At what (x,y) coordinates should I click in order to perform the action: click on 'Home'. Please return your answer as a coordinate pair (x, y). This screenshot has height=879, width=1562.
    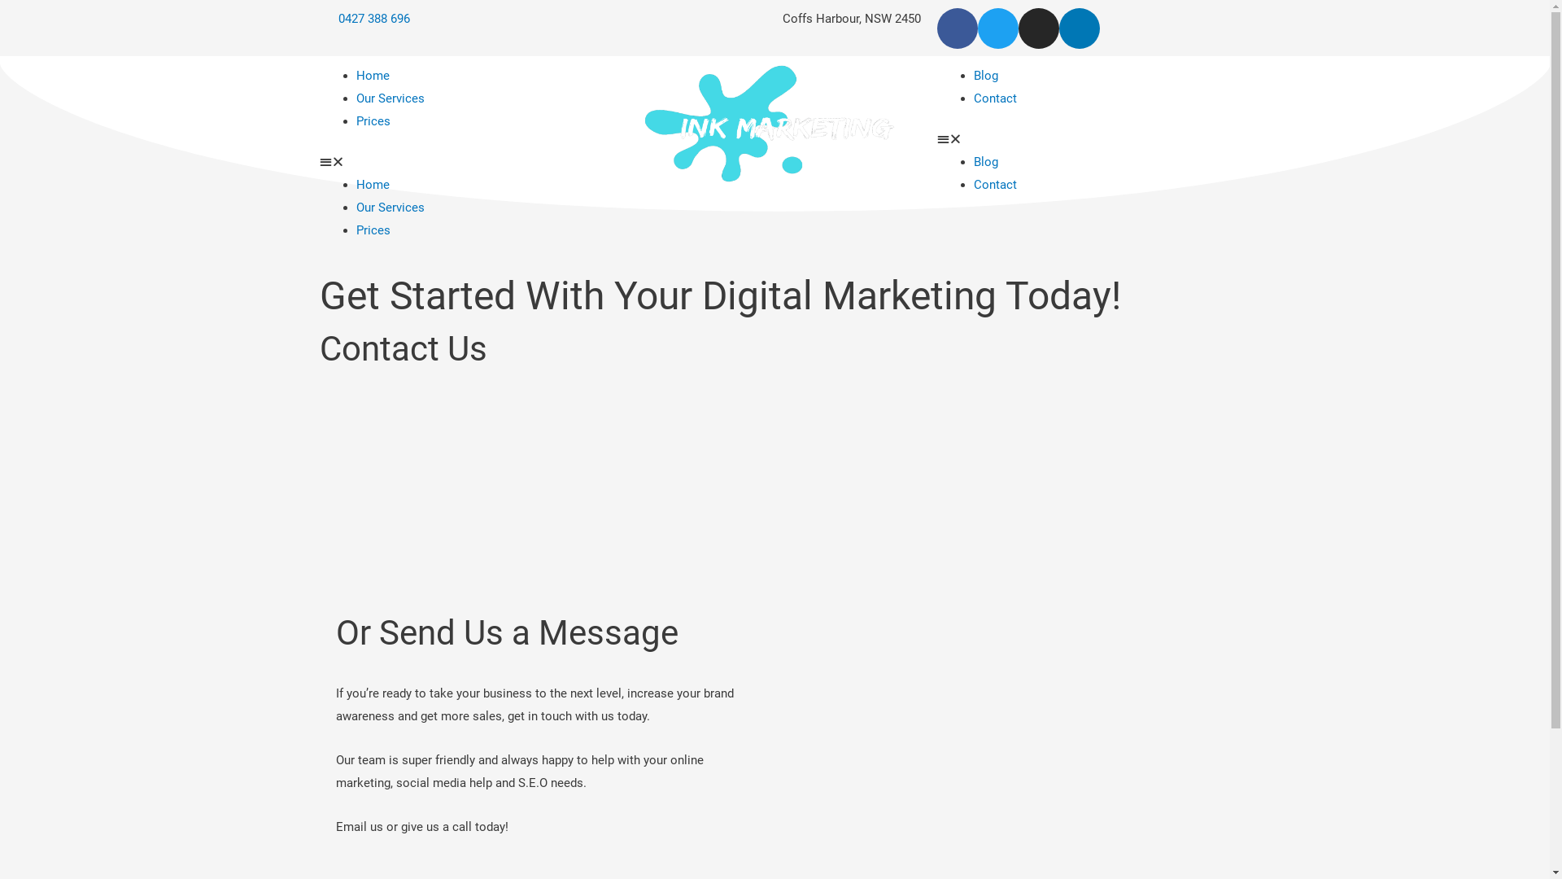
    Looking at the image, I should click on (372, 75).